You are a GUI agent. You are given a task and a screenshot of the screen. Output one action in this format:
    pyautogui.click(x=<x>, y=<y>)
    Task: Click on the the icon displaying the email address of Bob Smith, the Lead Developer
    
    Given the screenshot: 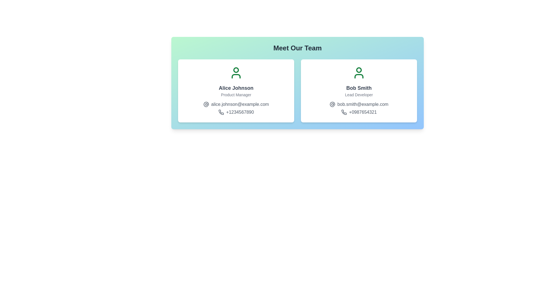 What is the action you would take?
    pyautogui.click(x=358, y=104)
    